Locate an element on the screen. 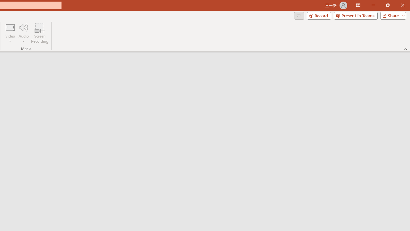 This screenshot has height=231, width=410. 'Video' is located at coordinates (10, 33).